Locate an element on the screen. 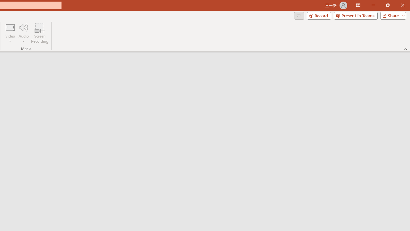 This screenshot has height=231, width=410. 'Video' is located at coordinates (10, 33).